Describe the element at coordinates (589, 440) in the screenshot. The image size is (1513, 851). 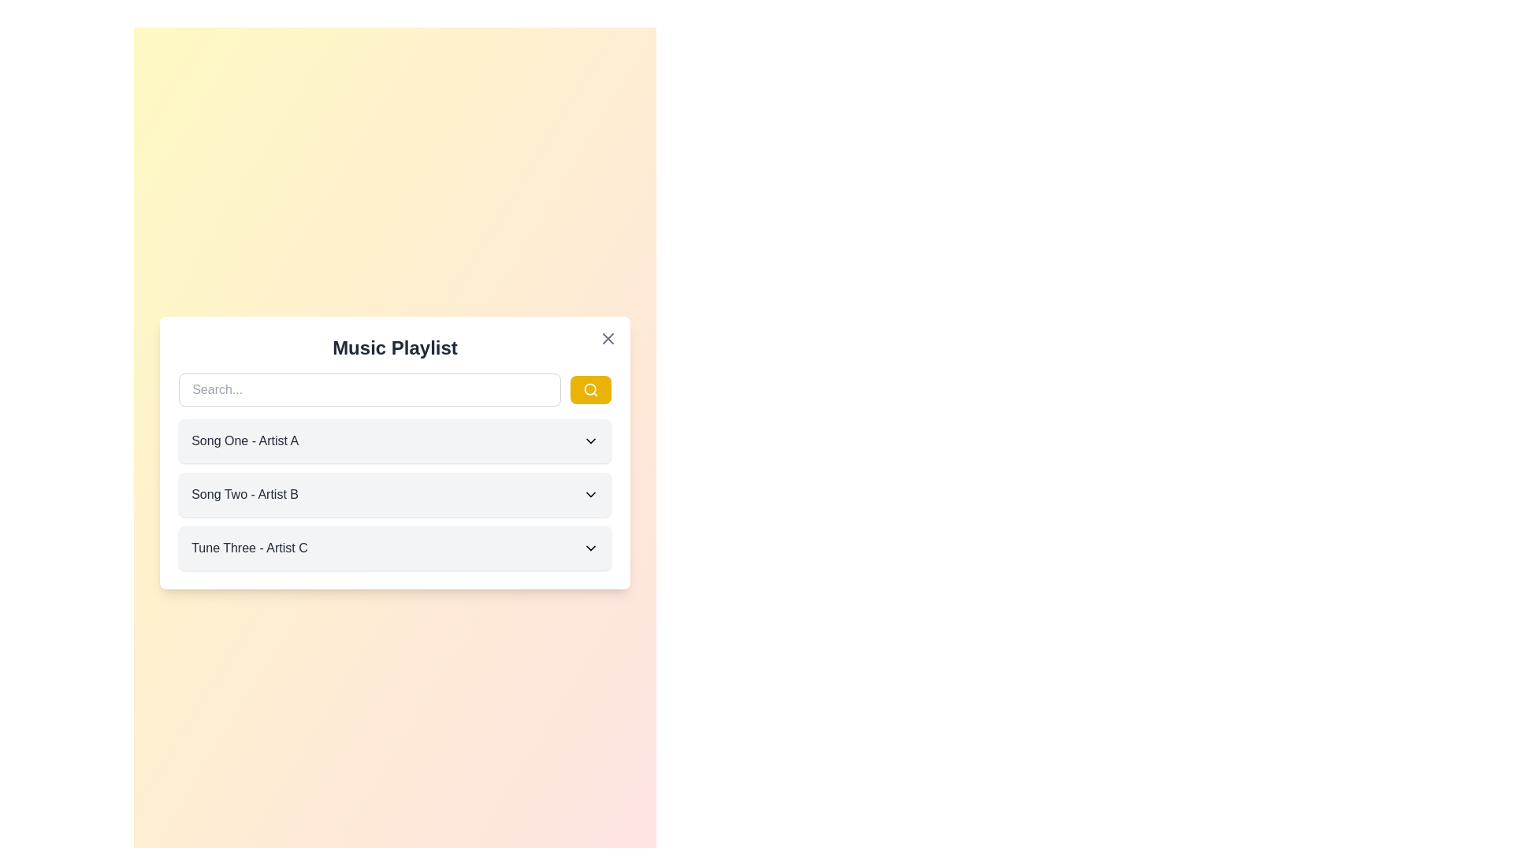
I see `the small, downward-pointing chevron icon located to the far-right of the row displaying 'Song One - Artist A'` at that location.